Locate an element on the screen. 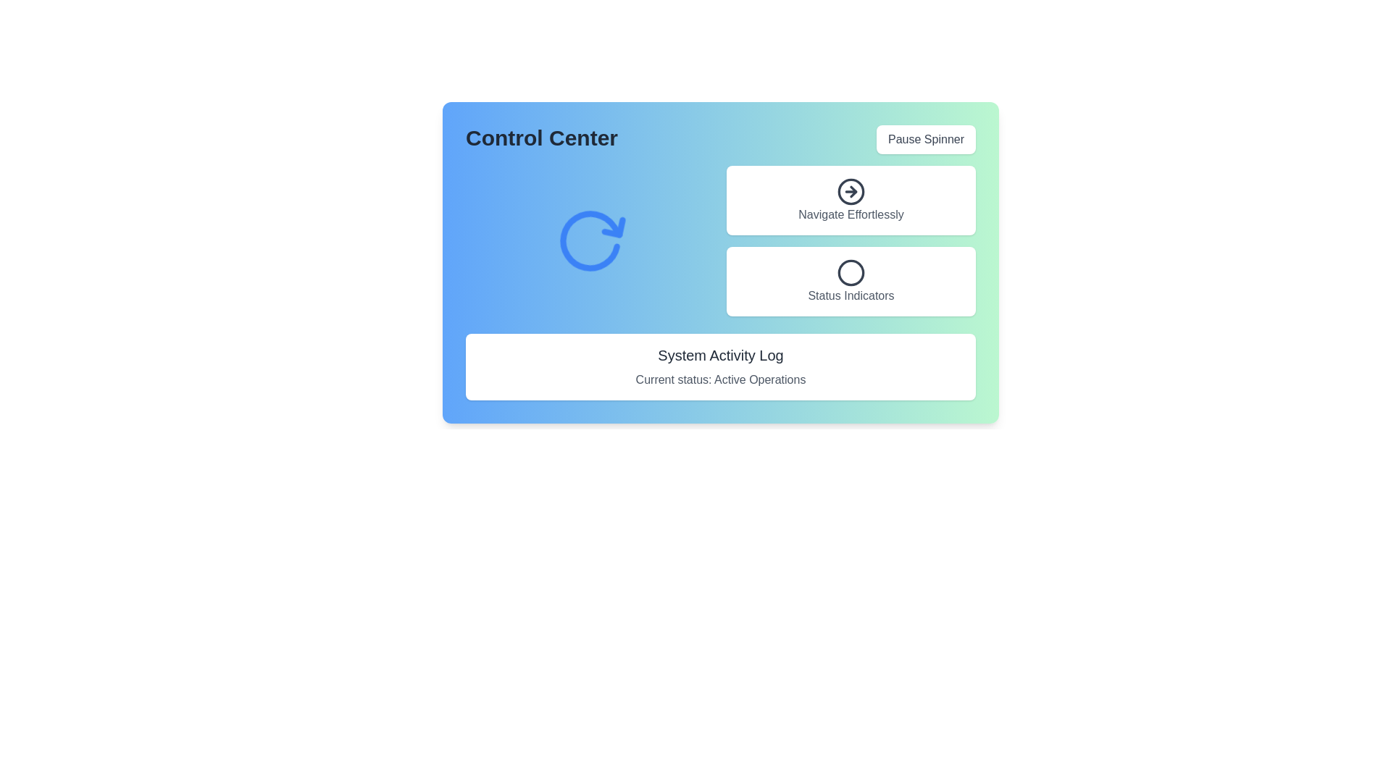  the informational text displaying 'Active Operations', which is located beneath the 'System Activity Log' heading is located at coordinates (720, 379).